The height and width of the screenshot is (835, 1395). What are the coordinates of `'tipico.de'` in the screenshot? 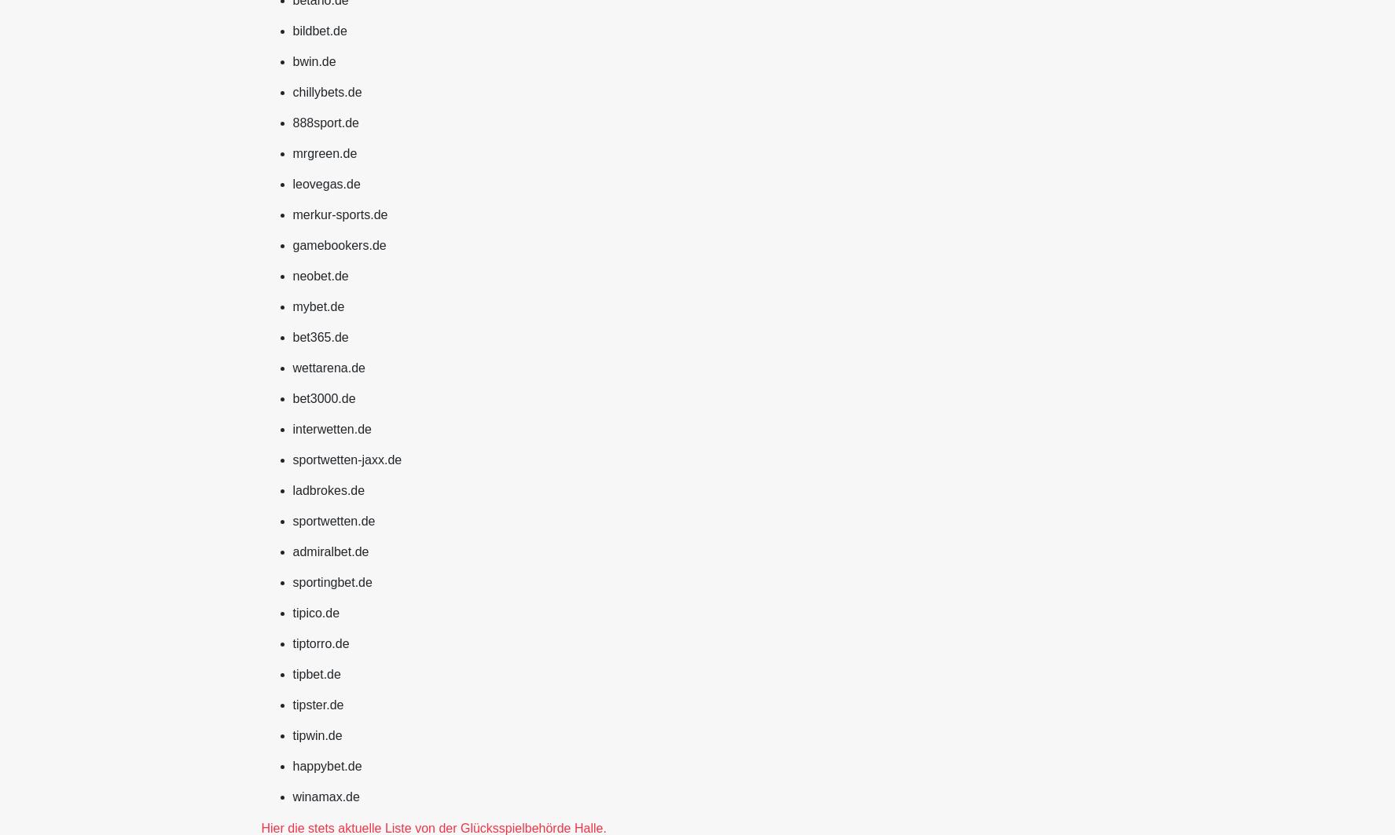 It's located at (315, 611).